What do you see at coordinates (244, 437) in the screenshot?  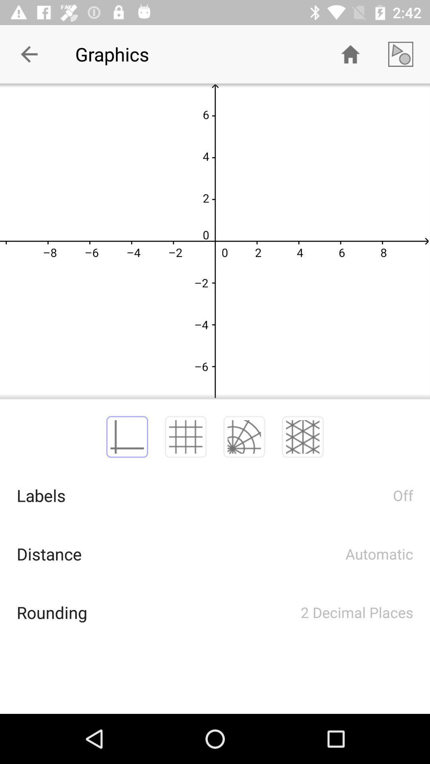 I see `the third icon just above the text labels` at bounding box center [244, 437].